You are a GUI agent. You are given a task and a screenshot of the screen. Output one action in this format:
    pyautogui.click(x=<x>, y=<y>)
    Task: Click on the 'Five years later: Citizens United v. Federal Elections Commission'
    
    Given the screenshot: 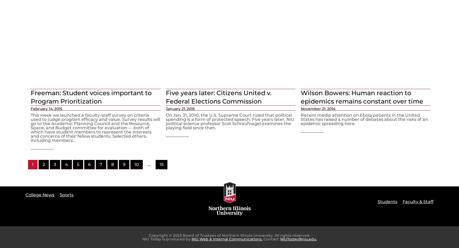 What is the action you would take?
    pyautogui.click(x=166, y=97)
    